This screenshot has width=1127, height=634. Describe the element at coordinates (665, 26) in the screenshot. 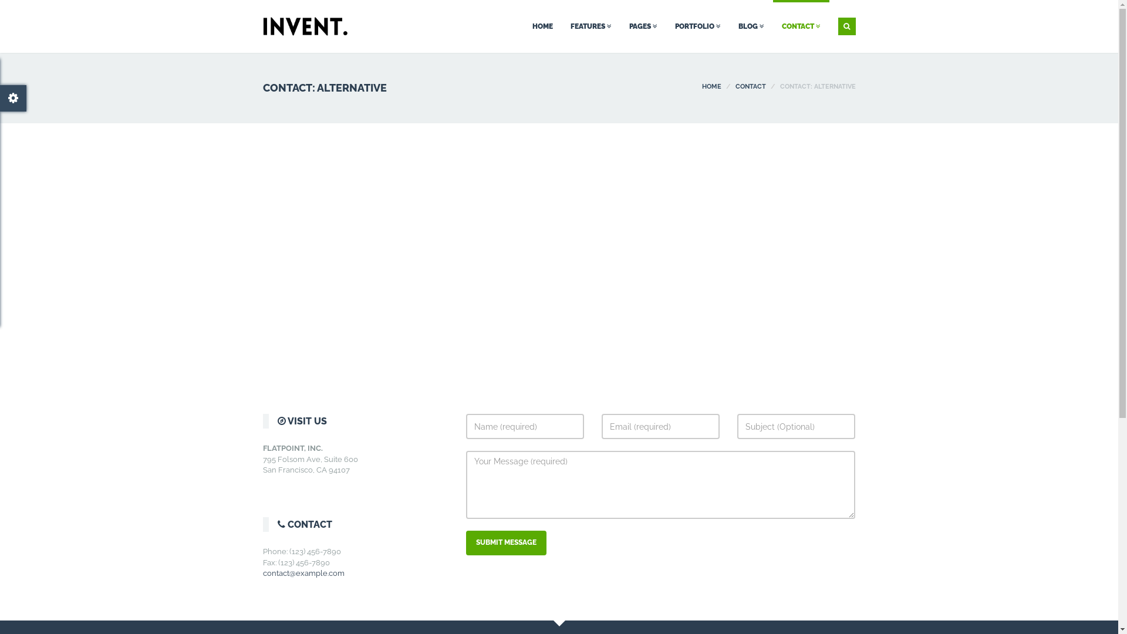

I see `'PORTFOLIO'` at that location.